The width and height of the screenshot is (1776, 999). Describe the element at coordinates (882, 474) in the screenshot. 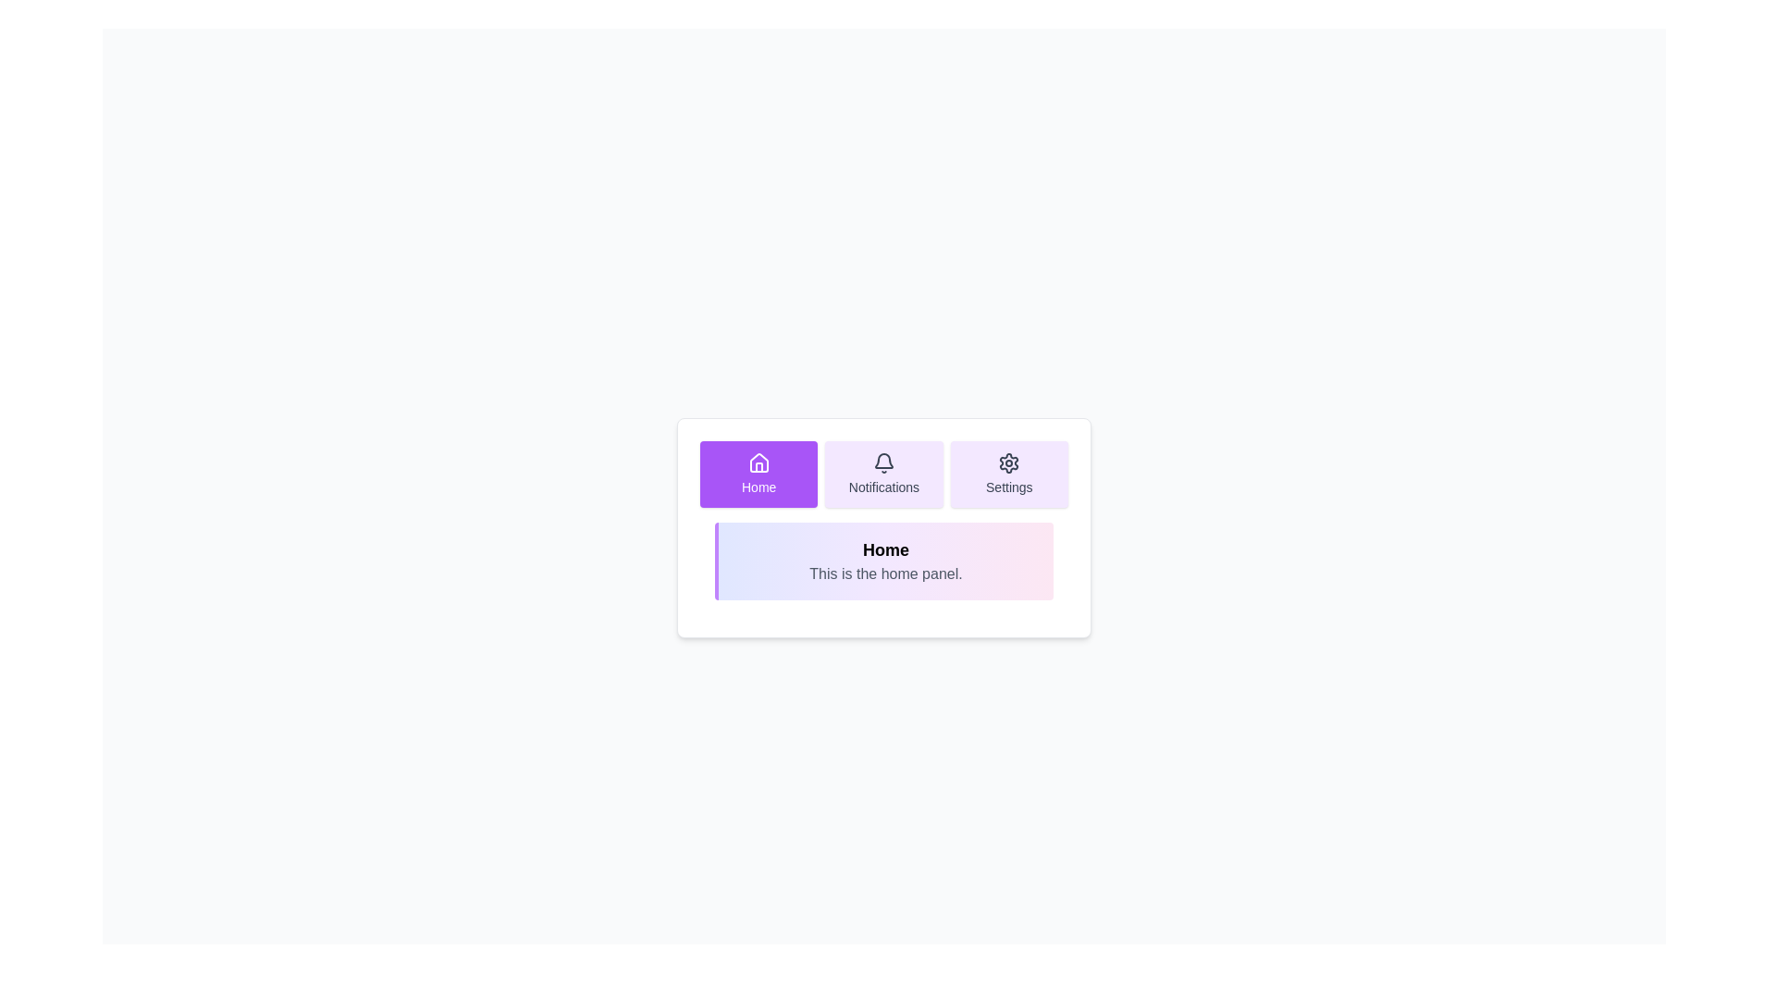

I see `the 'Notifications' button, which features a centered bell icon and a soft purple background, to observe styling changes` at that location.